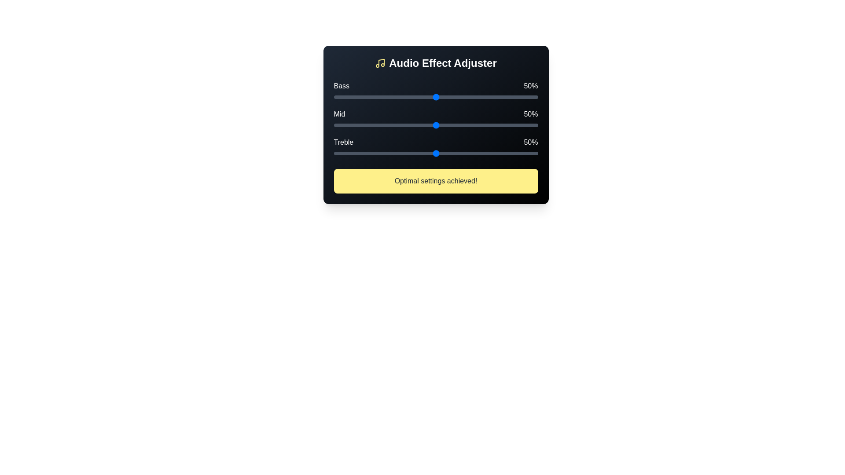 This screenshot has height=475, width=845. I want to click on the Bass slider to 43% by clicking on the slider track, so click(421, 97).